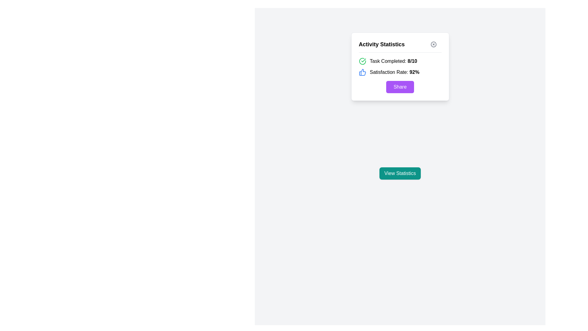  I want to click on text displayed in the second text entry of the 'Activity Statistics' section, which provides feedback on the satisfaction rate, so click(394, 72).